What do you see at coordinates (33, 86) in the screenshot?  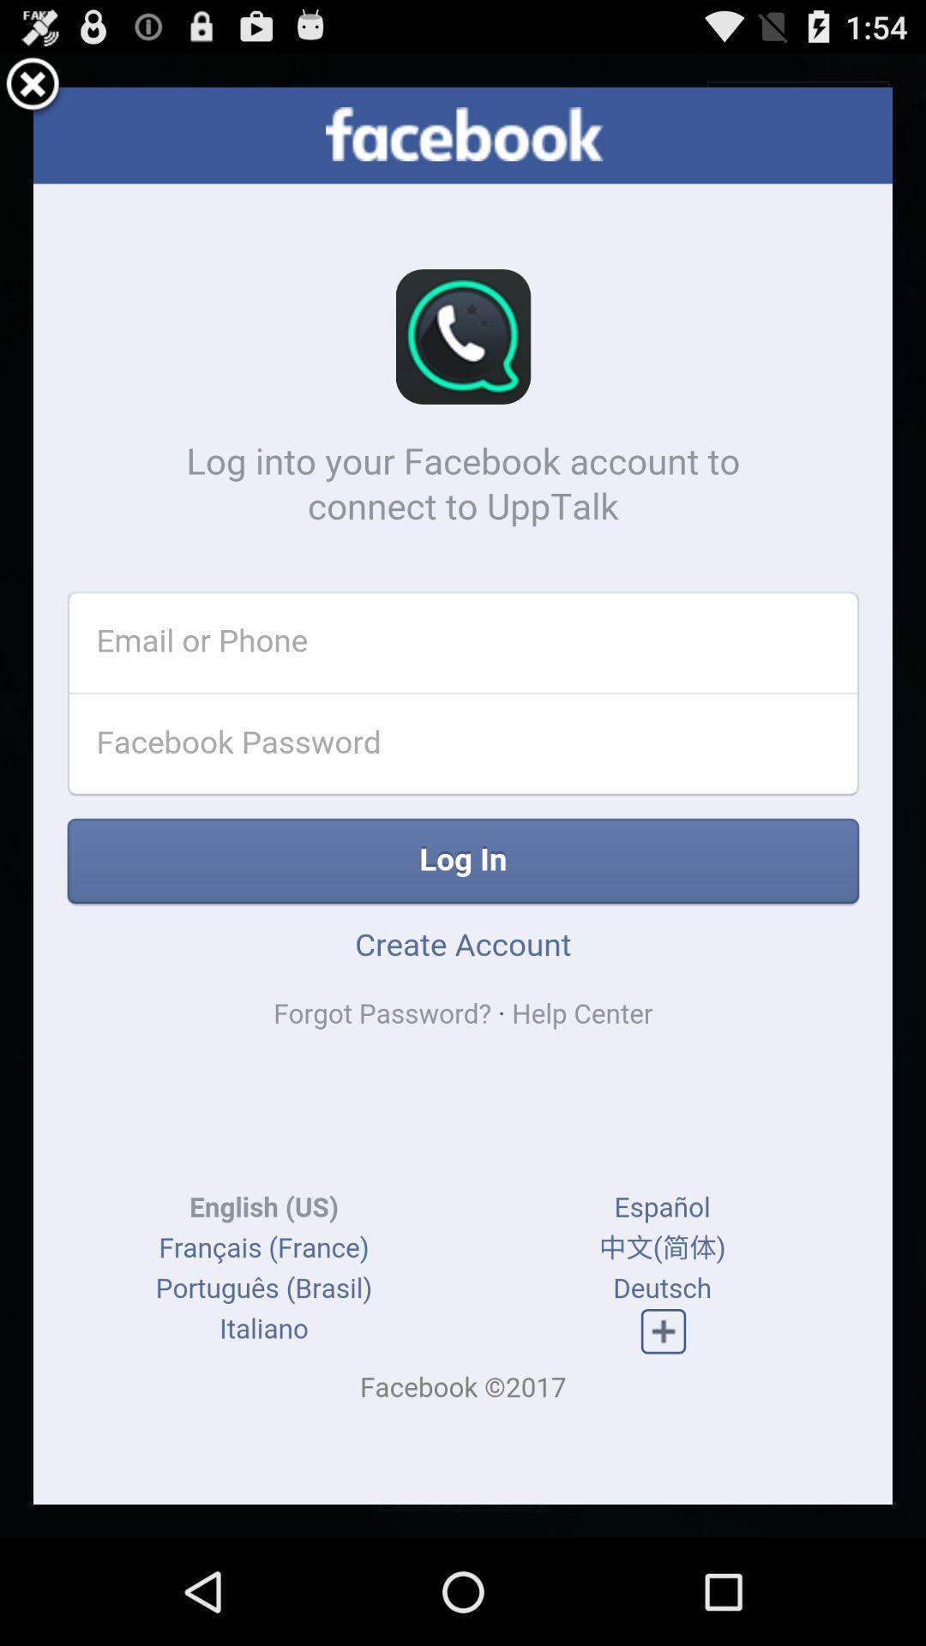 I see `facebook window` at bounding box center [33, 86].